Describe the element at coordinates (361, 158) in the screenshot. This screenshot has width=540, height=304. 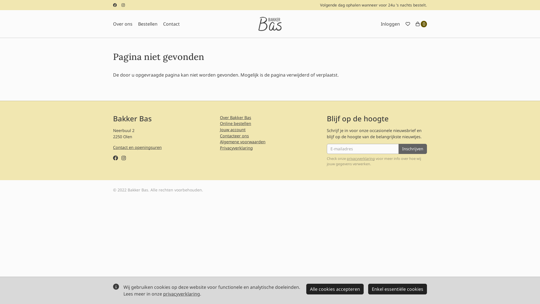
I see `'privacyverklaring'` at that location.